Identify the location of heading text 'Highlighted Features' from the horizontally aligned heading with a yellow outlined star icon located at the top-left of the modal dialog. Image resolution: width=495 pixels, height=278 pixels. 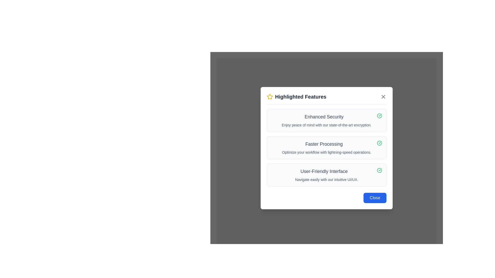
(296, 97).